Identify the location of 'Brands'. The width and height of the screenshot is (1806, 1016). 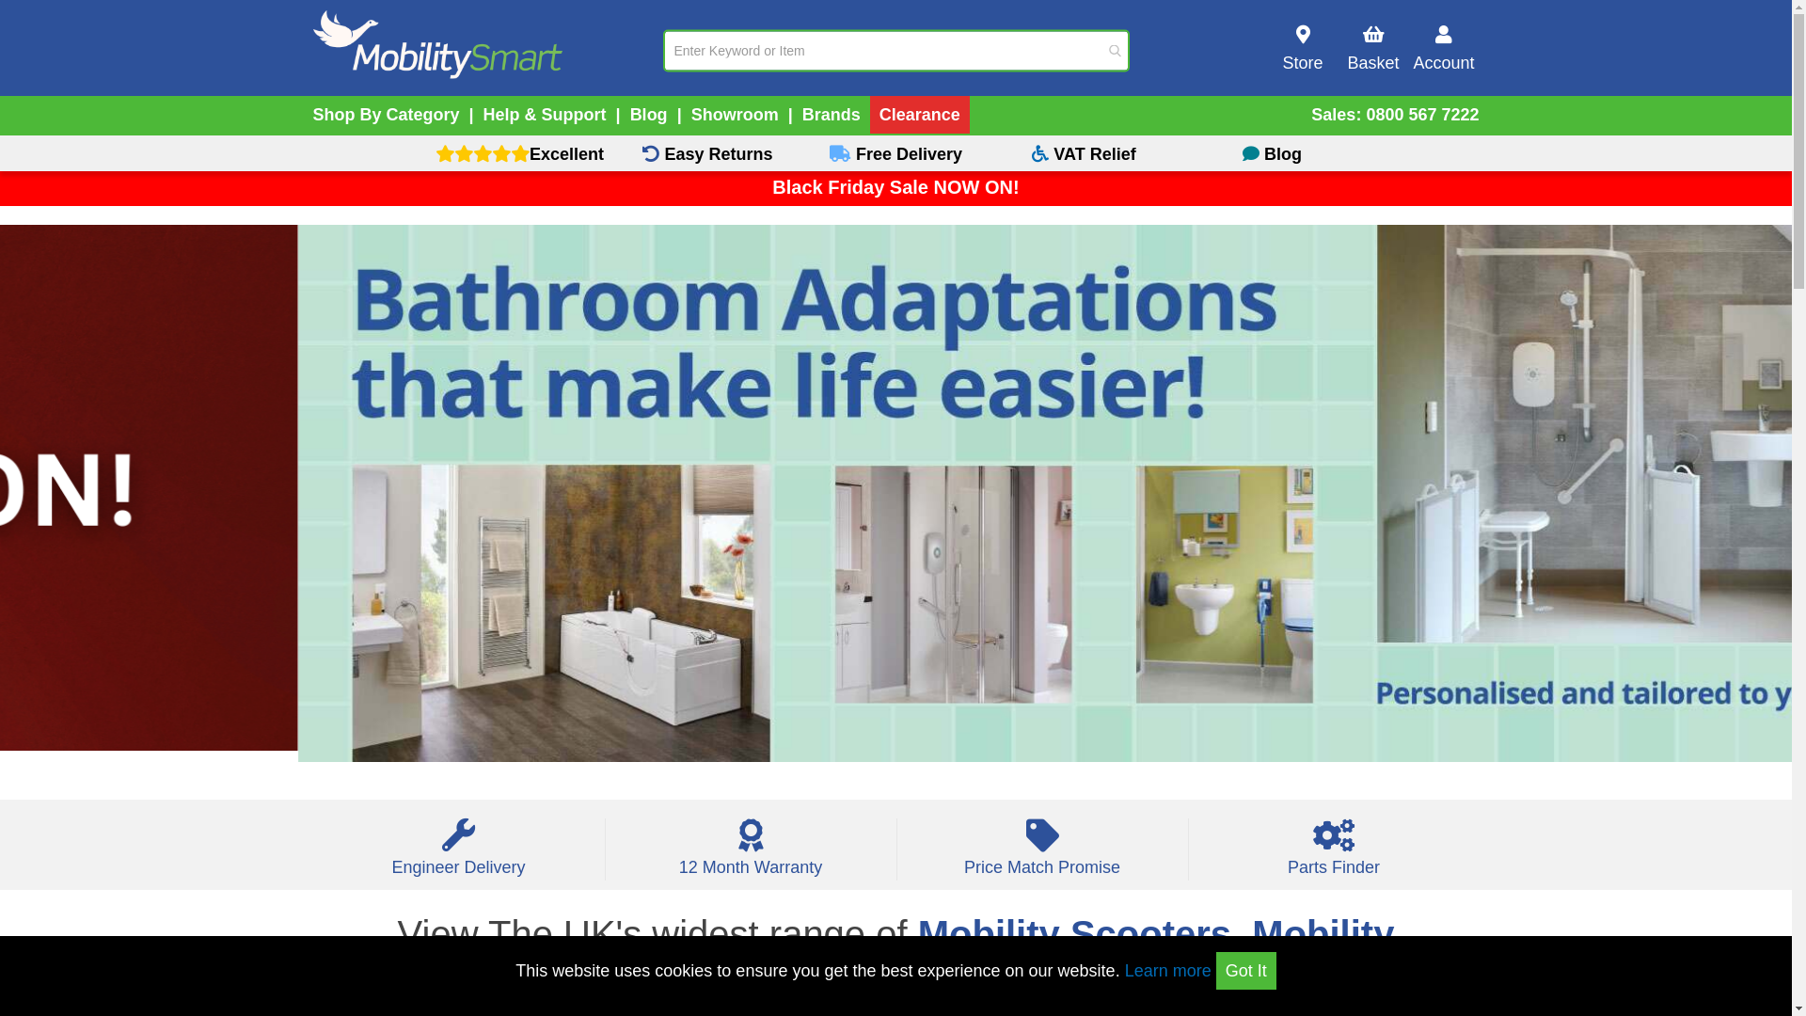
(830, 115).